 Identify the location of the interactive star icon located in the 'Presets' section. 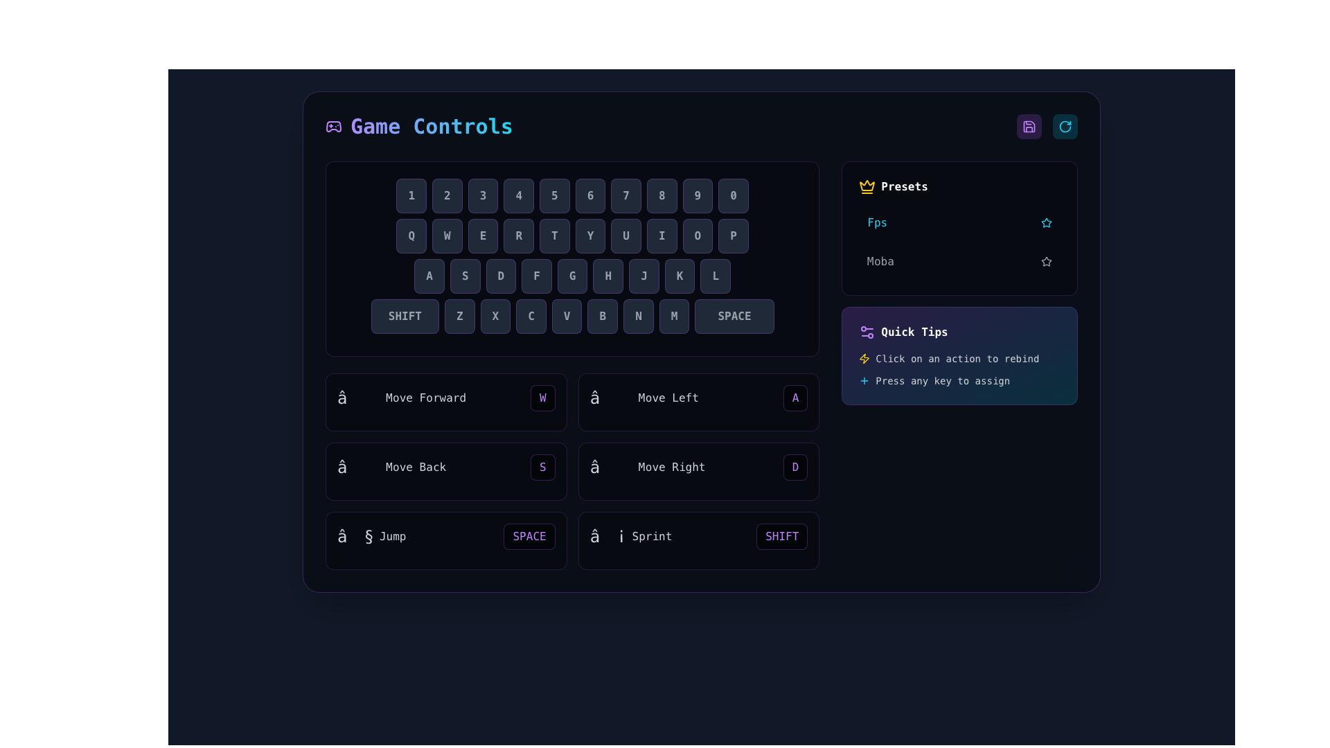
(1047, 261).